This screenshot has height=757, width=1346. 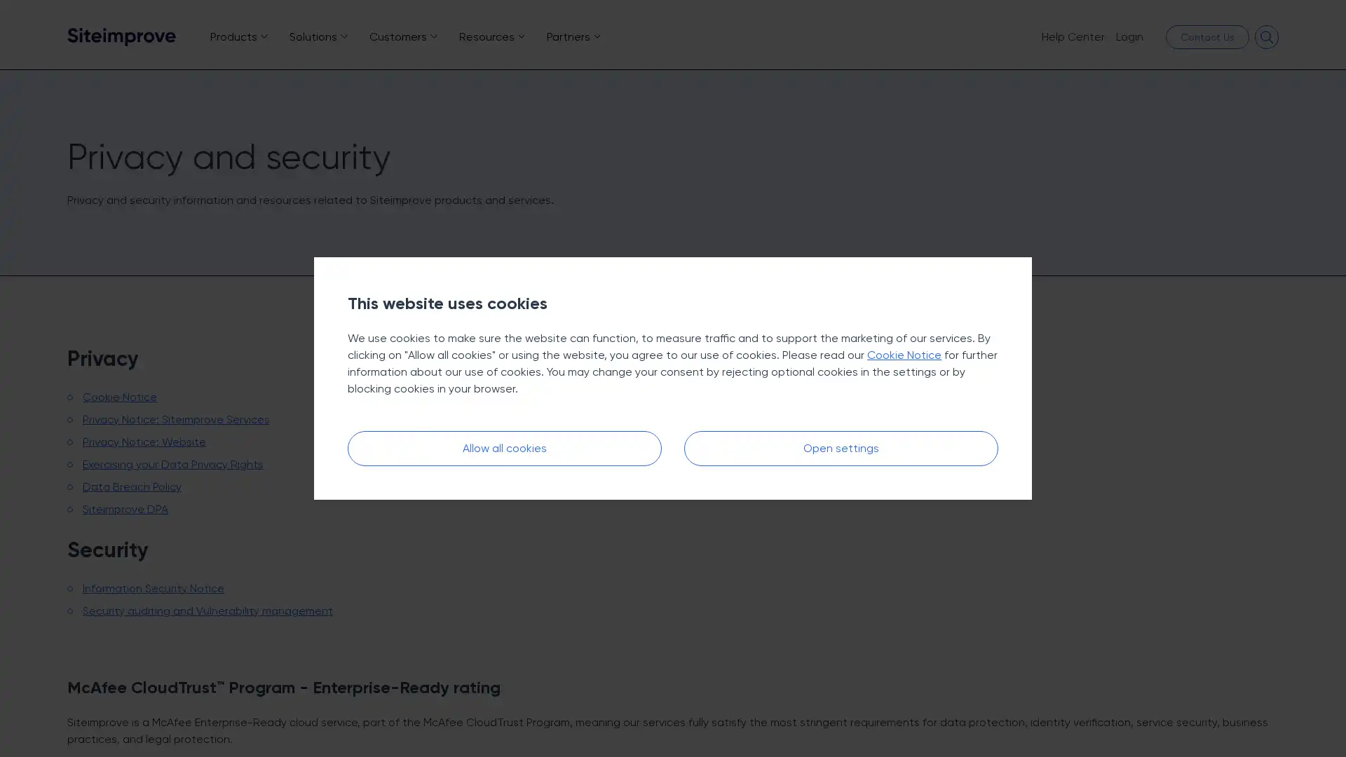 What do you see at coordinates (572, 35) in the screenshot?
I see `Partners` at bounding box center [572, 35].